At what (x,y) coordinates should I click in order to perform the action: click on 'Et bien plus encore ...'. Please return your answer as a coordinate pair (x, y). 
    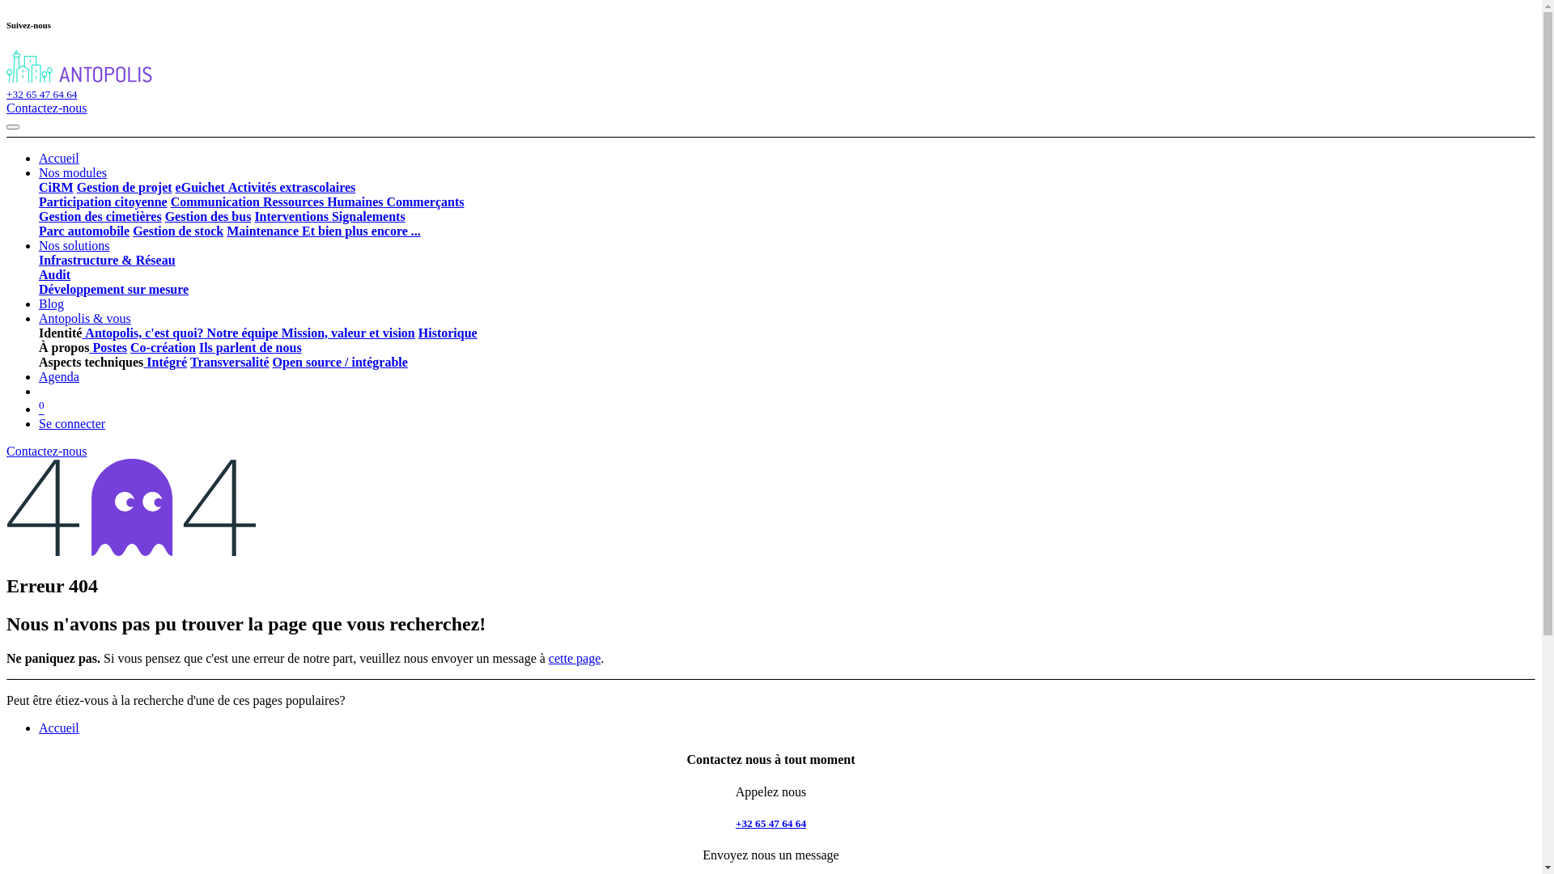
    Looking at the image, I should click on (359, 231).